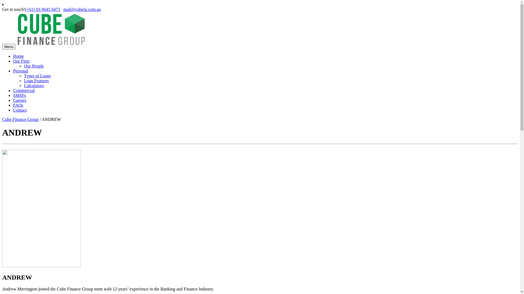  I want to click on 'Contact', so click(20, 110).